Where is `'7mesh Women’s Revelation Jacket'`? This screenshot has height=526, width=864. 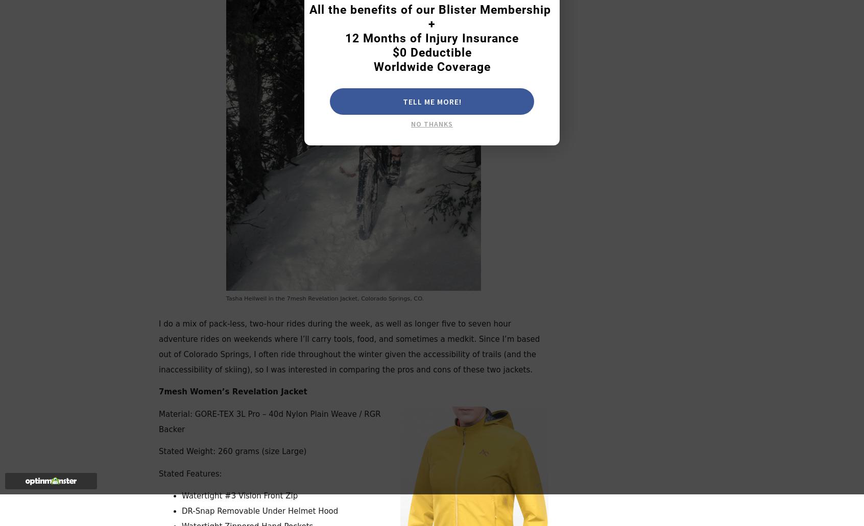
'7mesh Women’s Revelation Jacket' is located at coordinates (232, 391).